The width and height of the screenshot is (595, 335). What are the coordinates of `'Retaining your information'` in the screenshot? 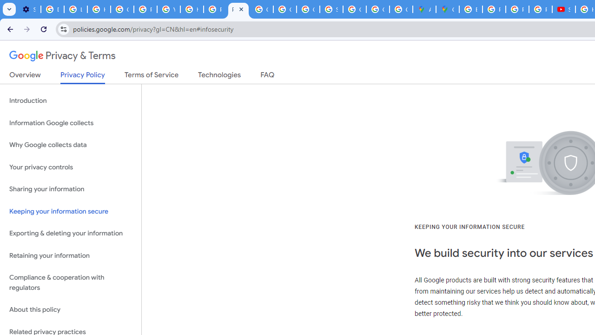 It's located at (70, 255).